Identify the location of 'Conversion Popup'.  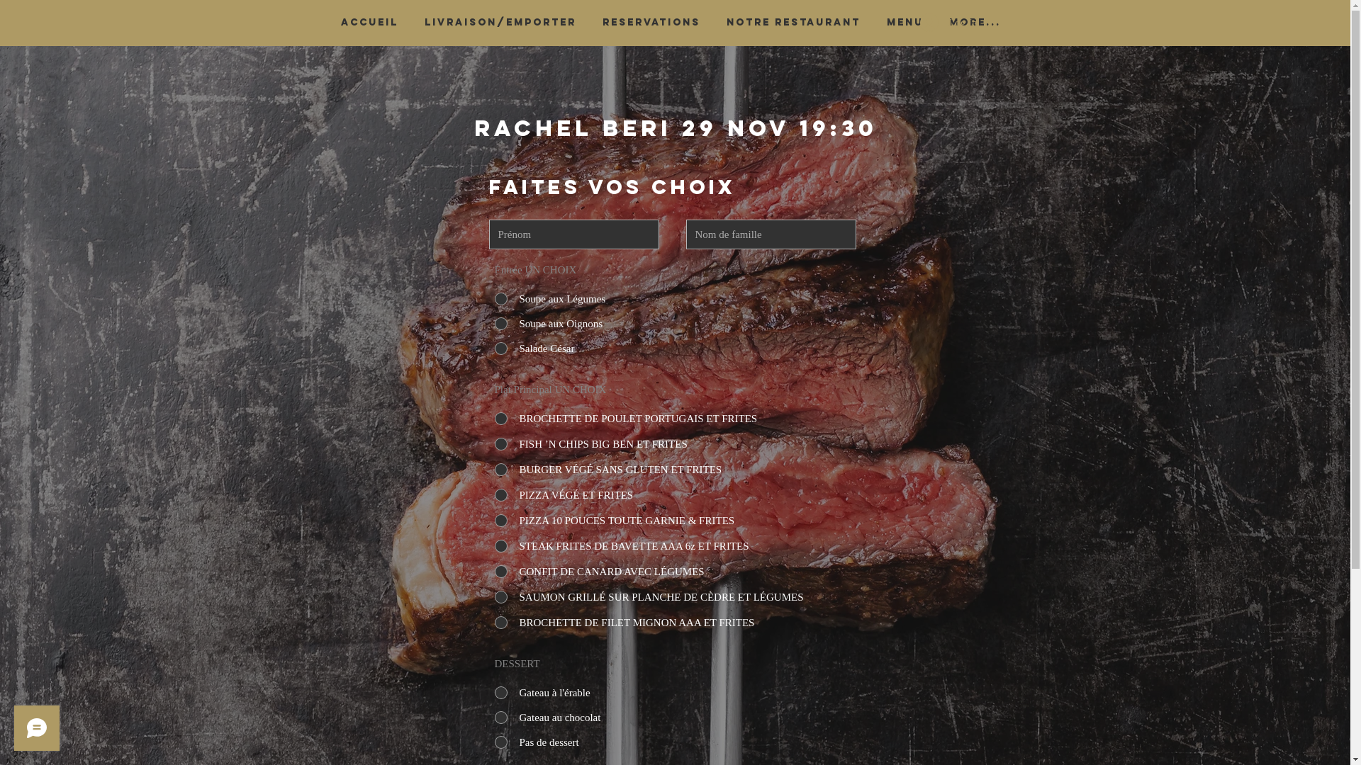
(676, 377).